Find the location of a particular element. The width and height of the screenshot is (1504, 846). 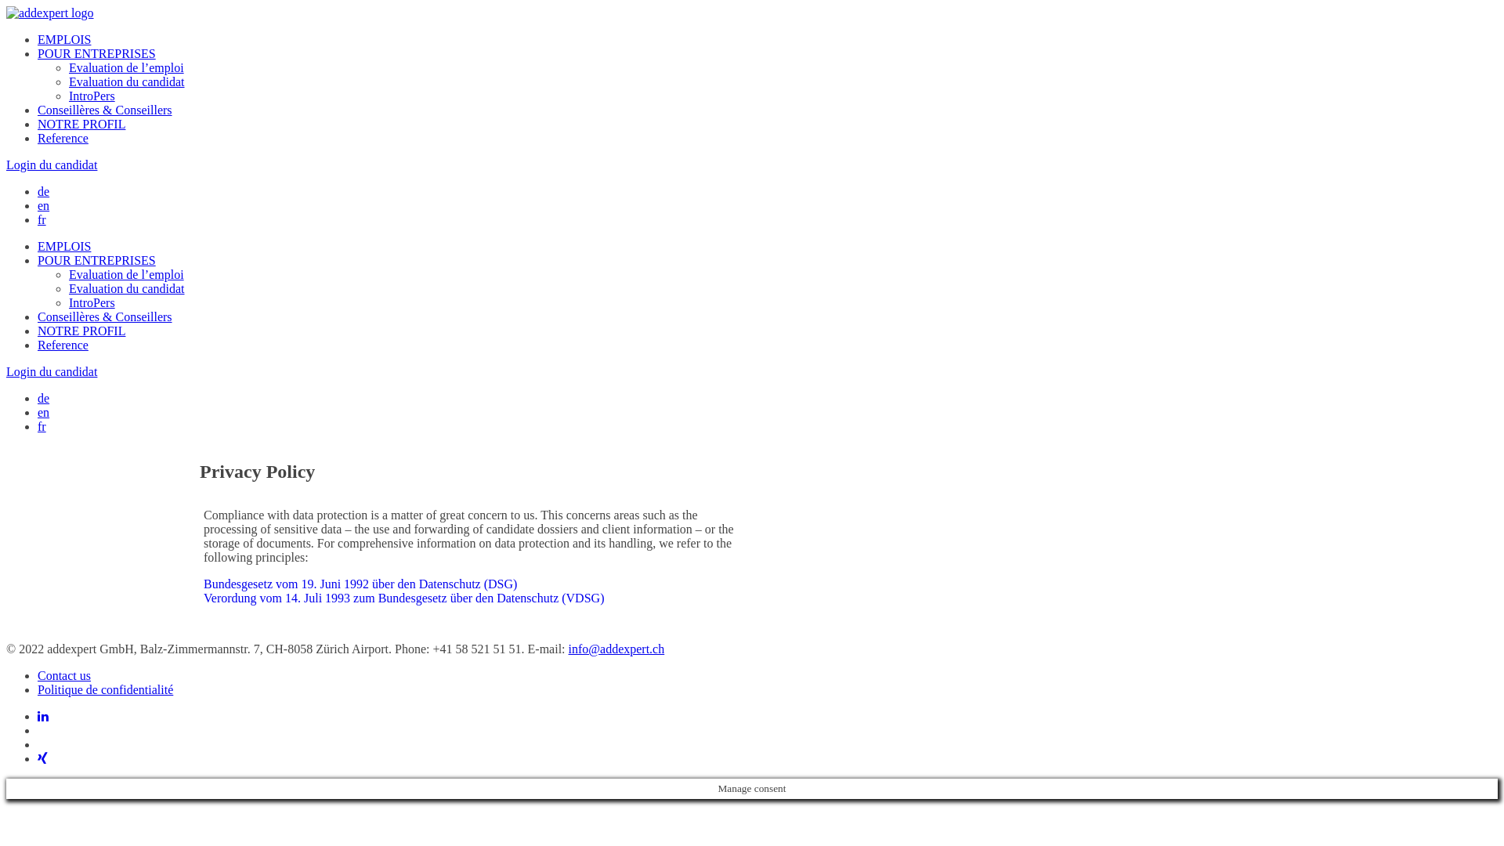

'fr' is located at coordinates (42, 219).